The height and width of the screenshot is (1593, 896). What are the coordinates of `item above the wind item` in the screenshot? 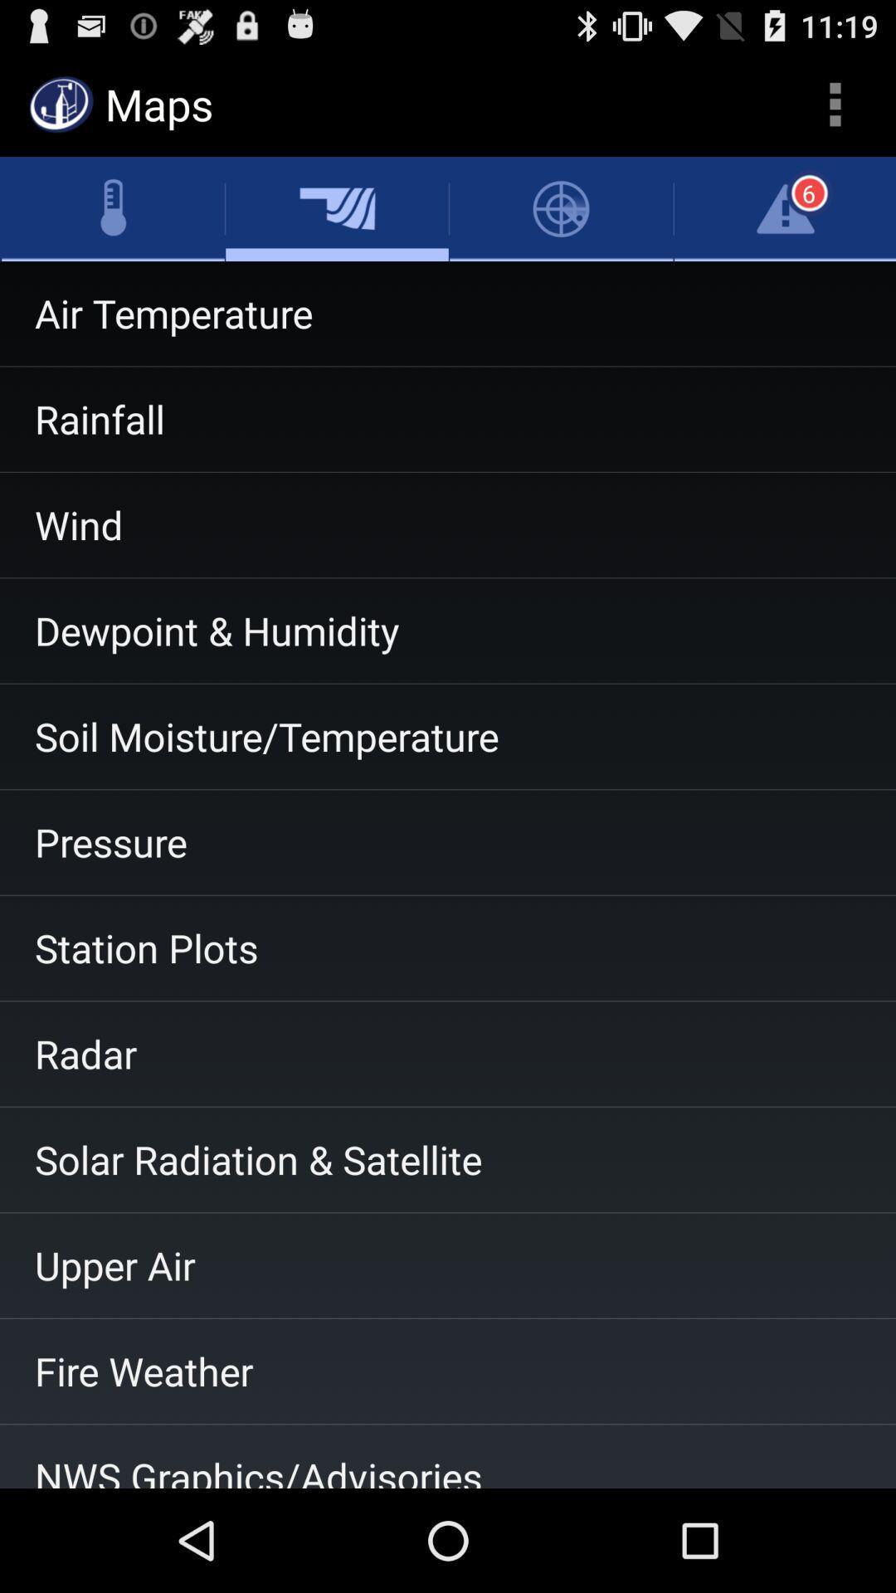 It's located at (448, 419).